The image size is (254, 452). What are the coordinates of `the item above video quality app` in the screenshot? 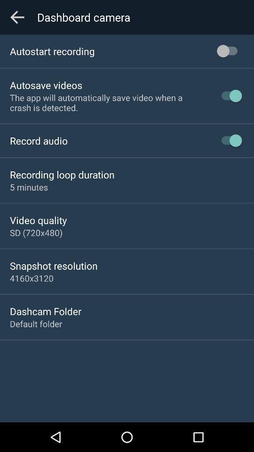 It's located at (29, 186).